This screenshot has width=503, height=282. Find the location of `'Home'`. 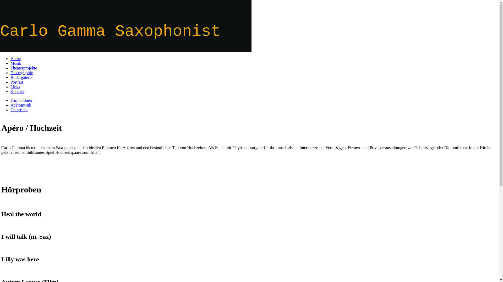

'Home' is located at coordinates (15, 58).